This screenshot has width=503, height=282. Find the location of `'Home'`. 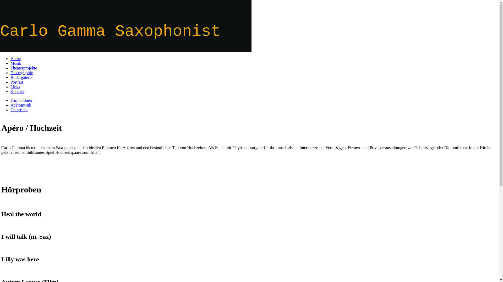

'Home' is located at coordinates (15, 58).